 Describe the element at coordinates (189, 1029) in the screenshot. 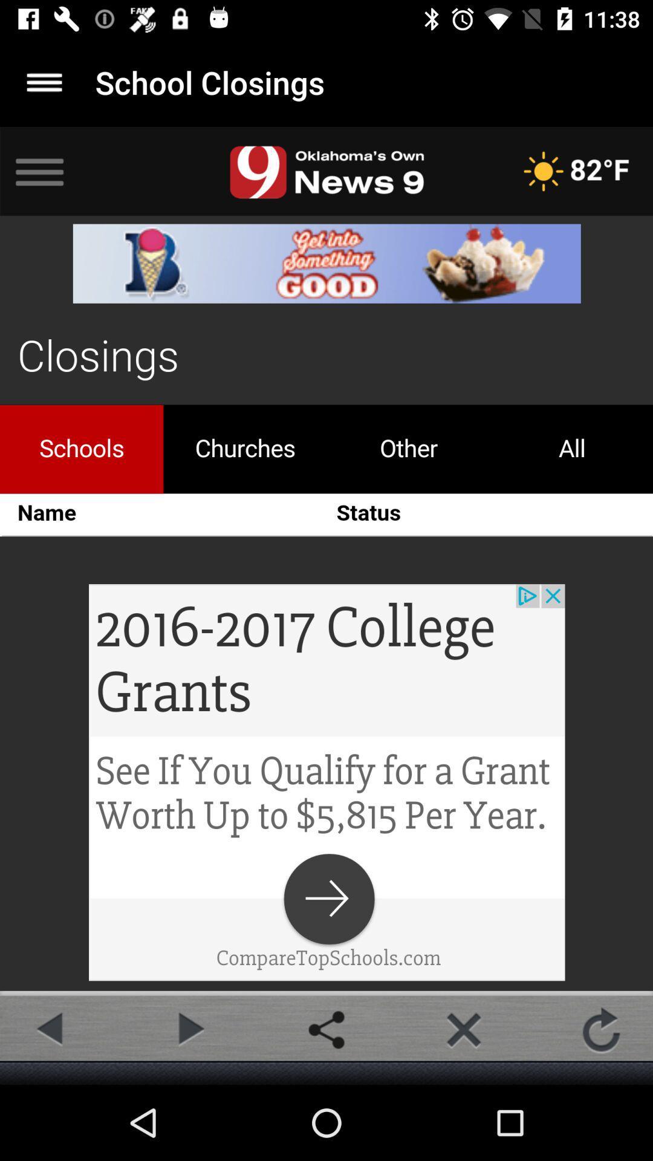

I see `foward` at that location.